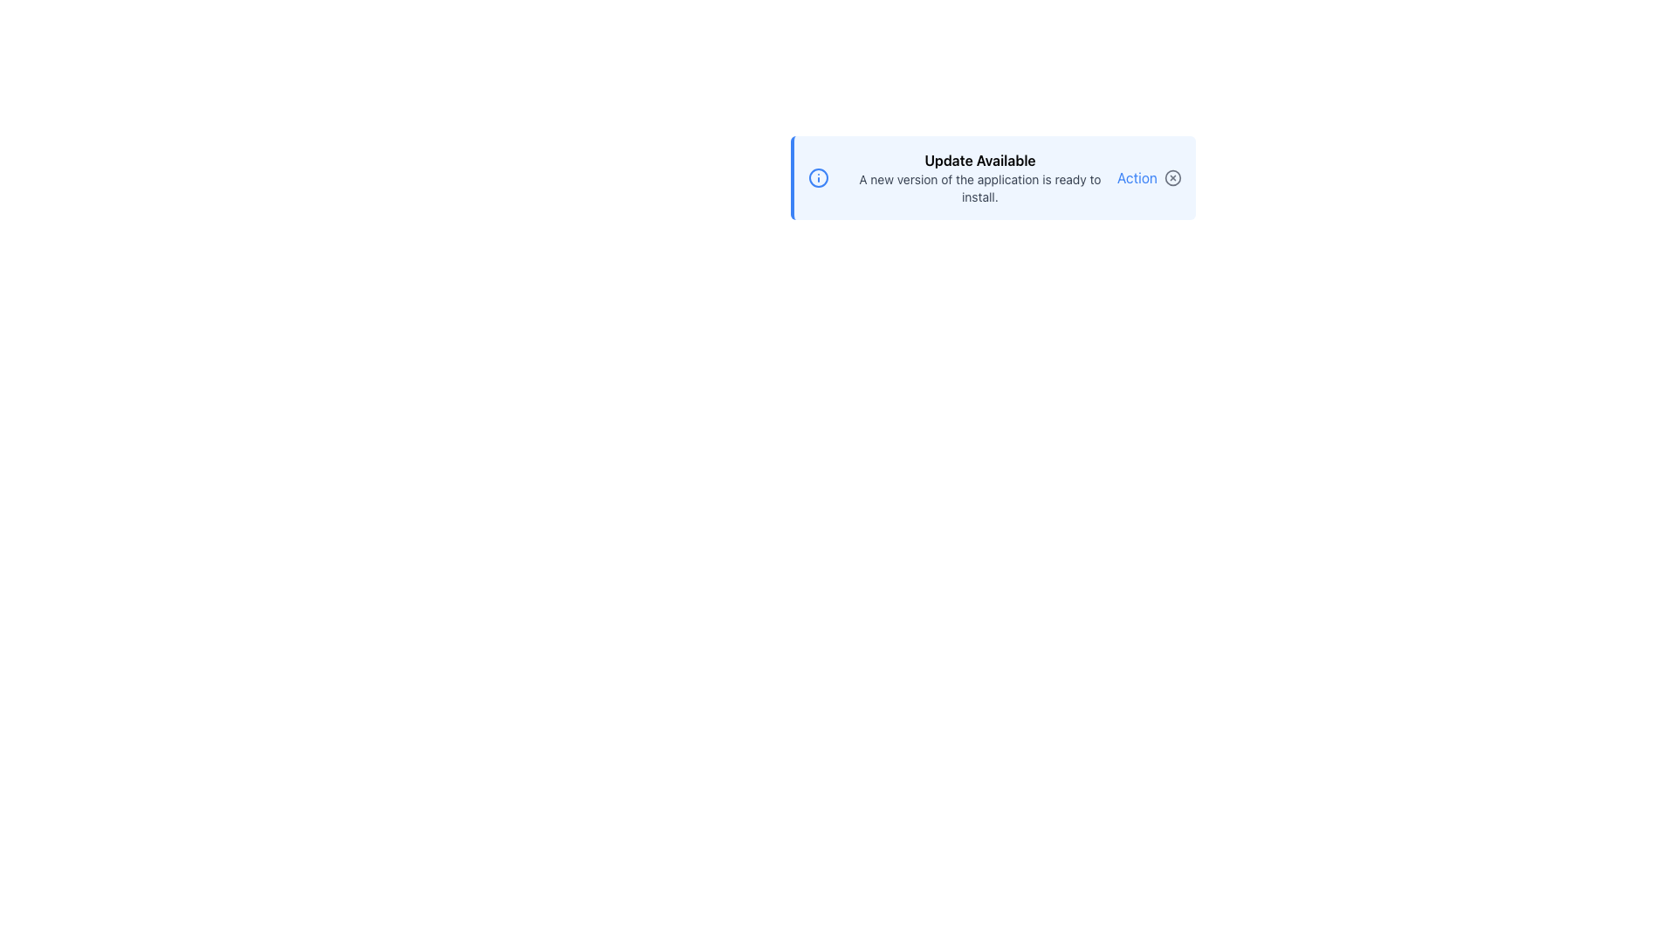  I want to click on the minimal circular gray button with a diagonal cross (X) in the middle, so click(1173, 178).